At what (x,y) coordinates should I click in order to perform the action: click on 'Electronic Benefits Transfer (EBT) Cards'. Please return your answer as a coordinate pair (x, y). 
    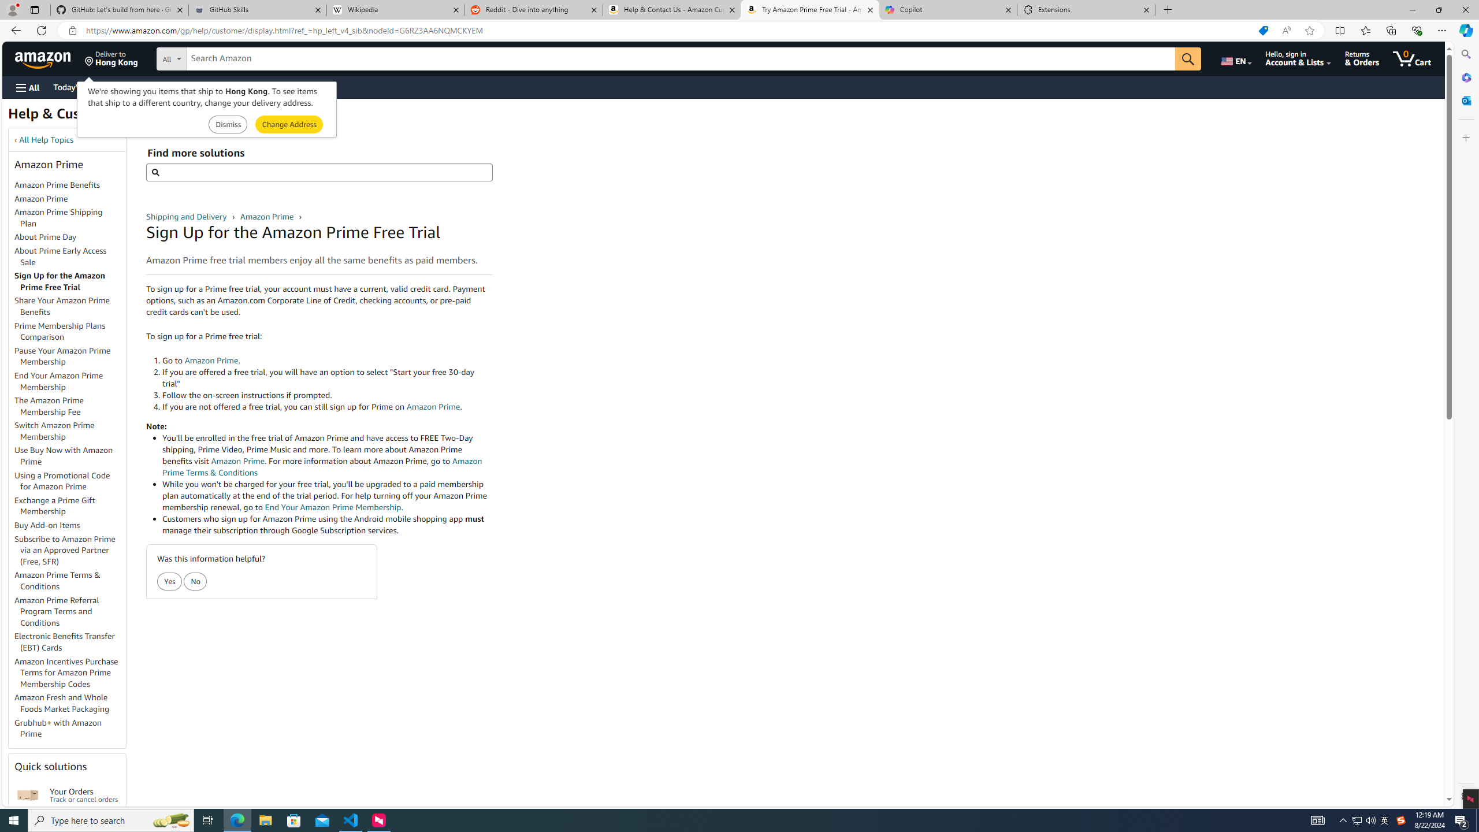
    Looking at the image, I should click on (64, 641).